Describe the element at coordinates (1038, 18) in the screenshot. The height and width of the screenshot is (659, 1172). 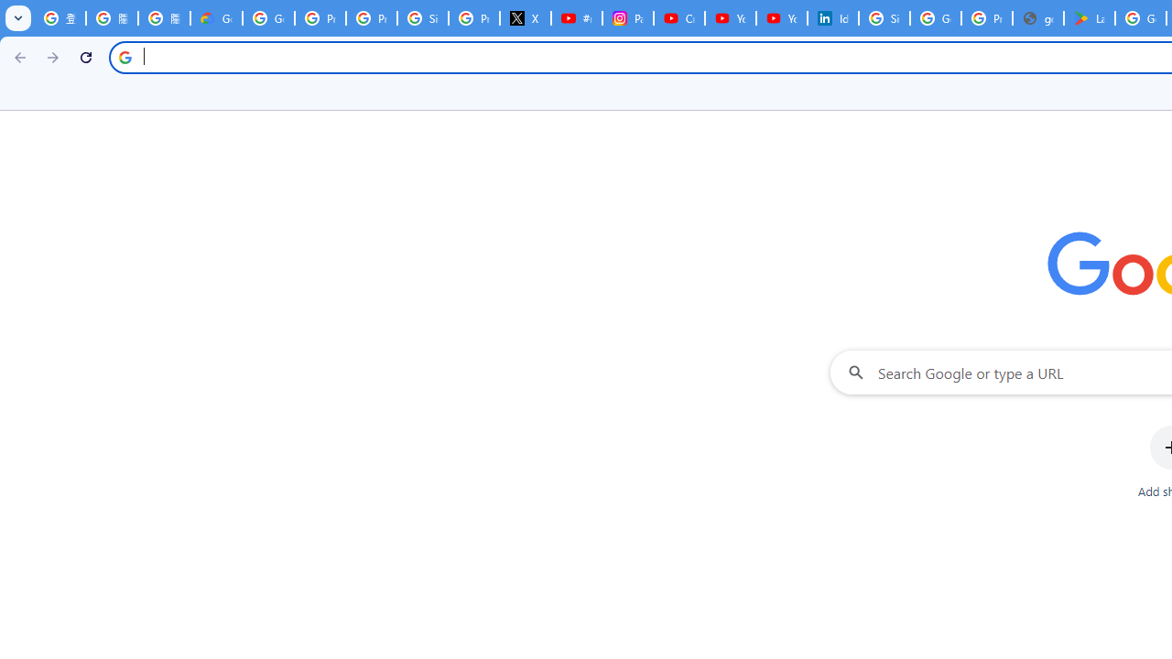
I see `'google_privacy_policy_en.pdf'` at that location.